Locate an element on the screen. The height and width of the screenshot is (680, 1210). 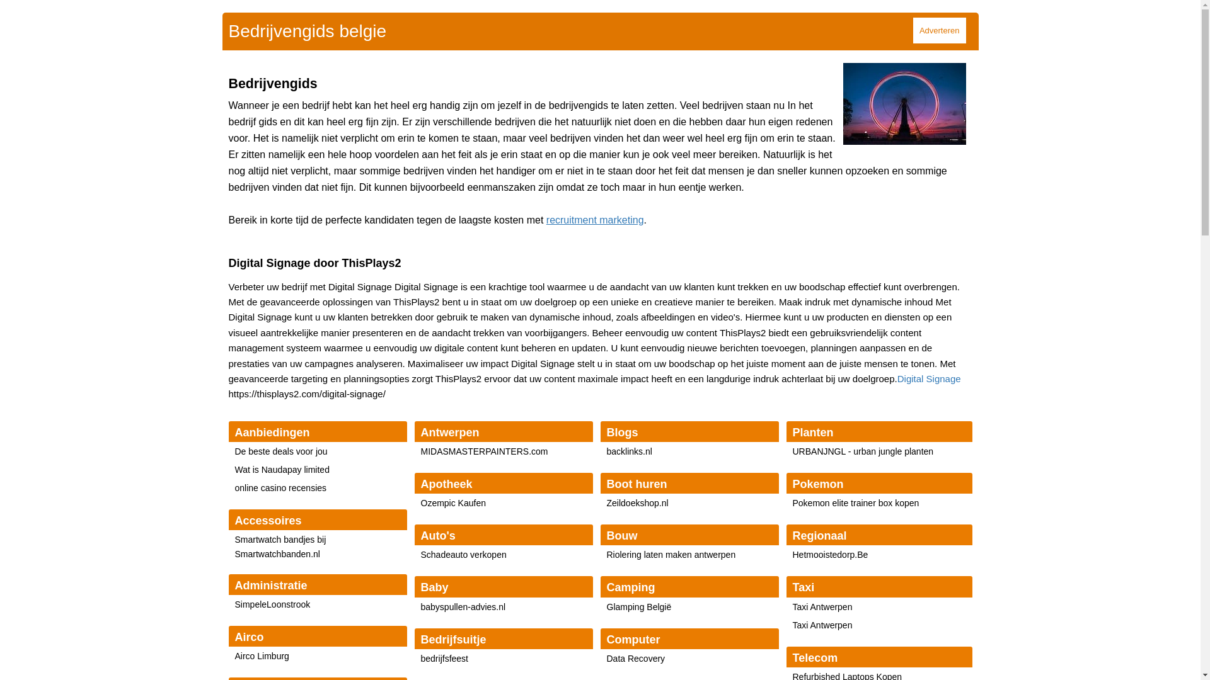
'SimpeleLoonstrook' is located at coordinates (272, 604).